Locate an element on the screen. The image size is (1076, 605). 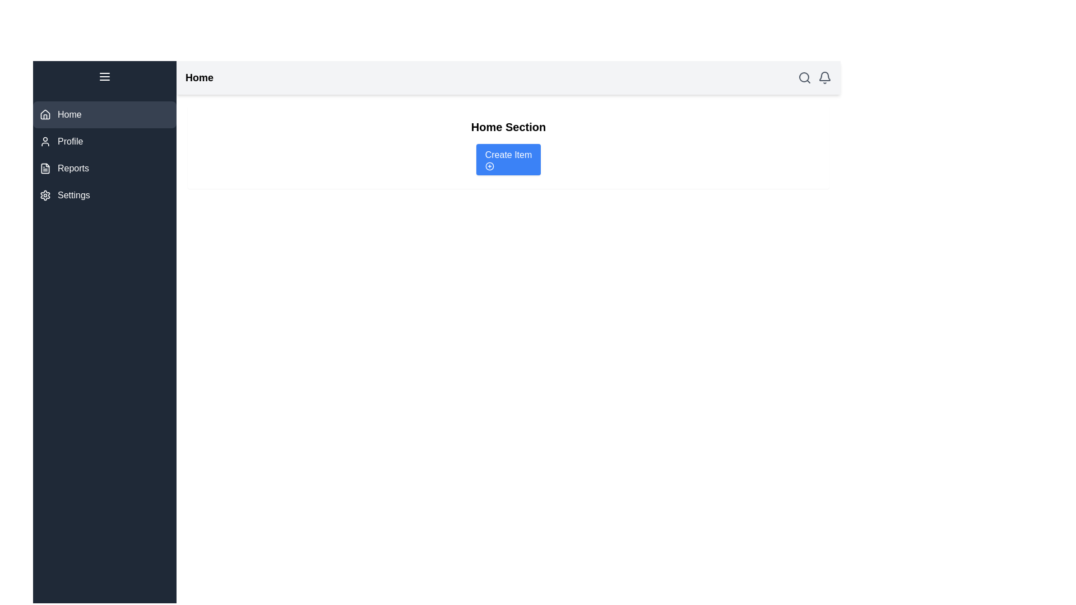
the document file icon located in the navigation bar on the left side, positioned below the profile icon and above the settings icon is located at coordinates (45, 168).